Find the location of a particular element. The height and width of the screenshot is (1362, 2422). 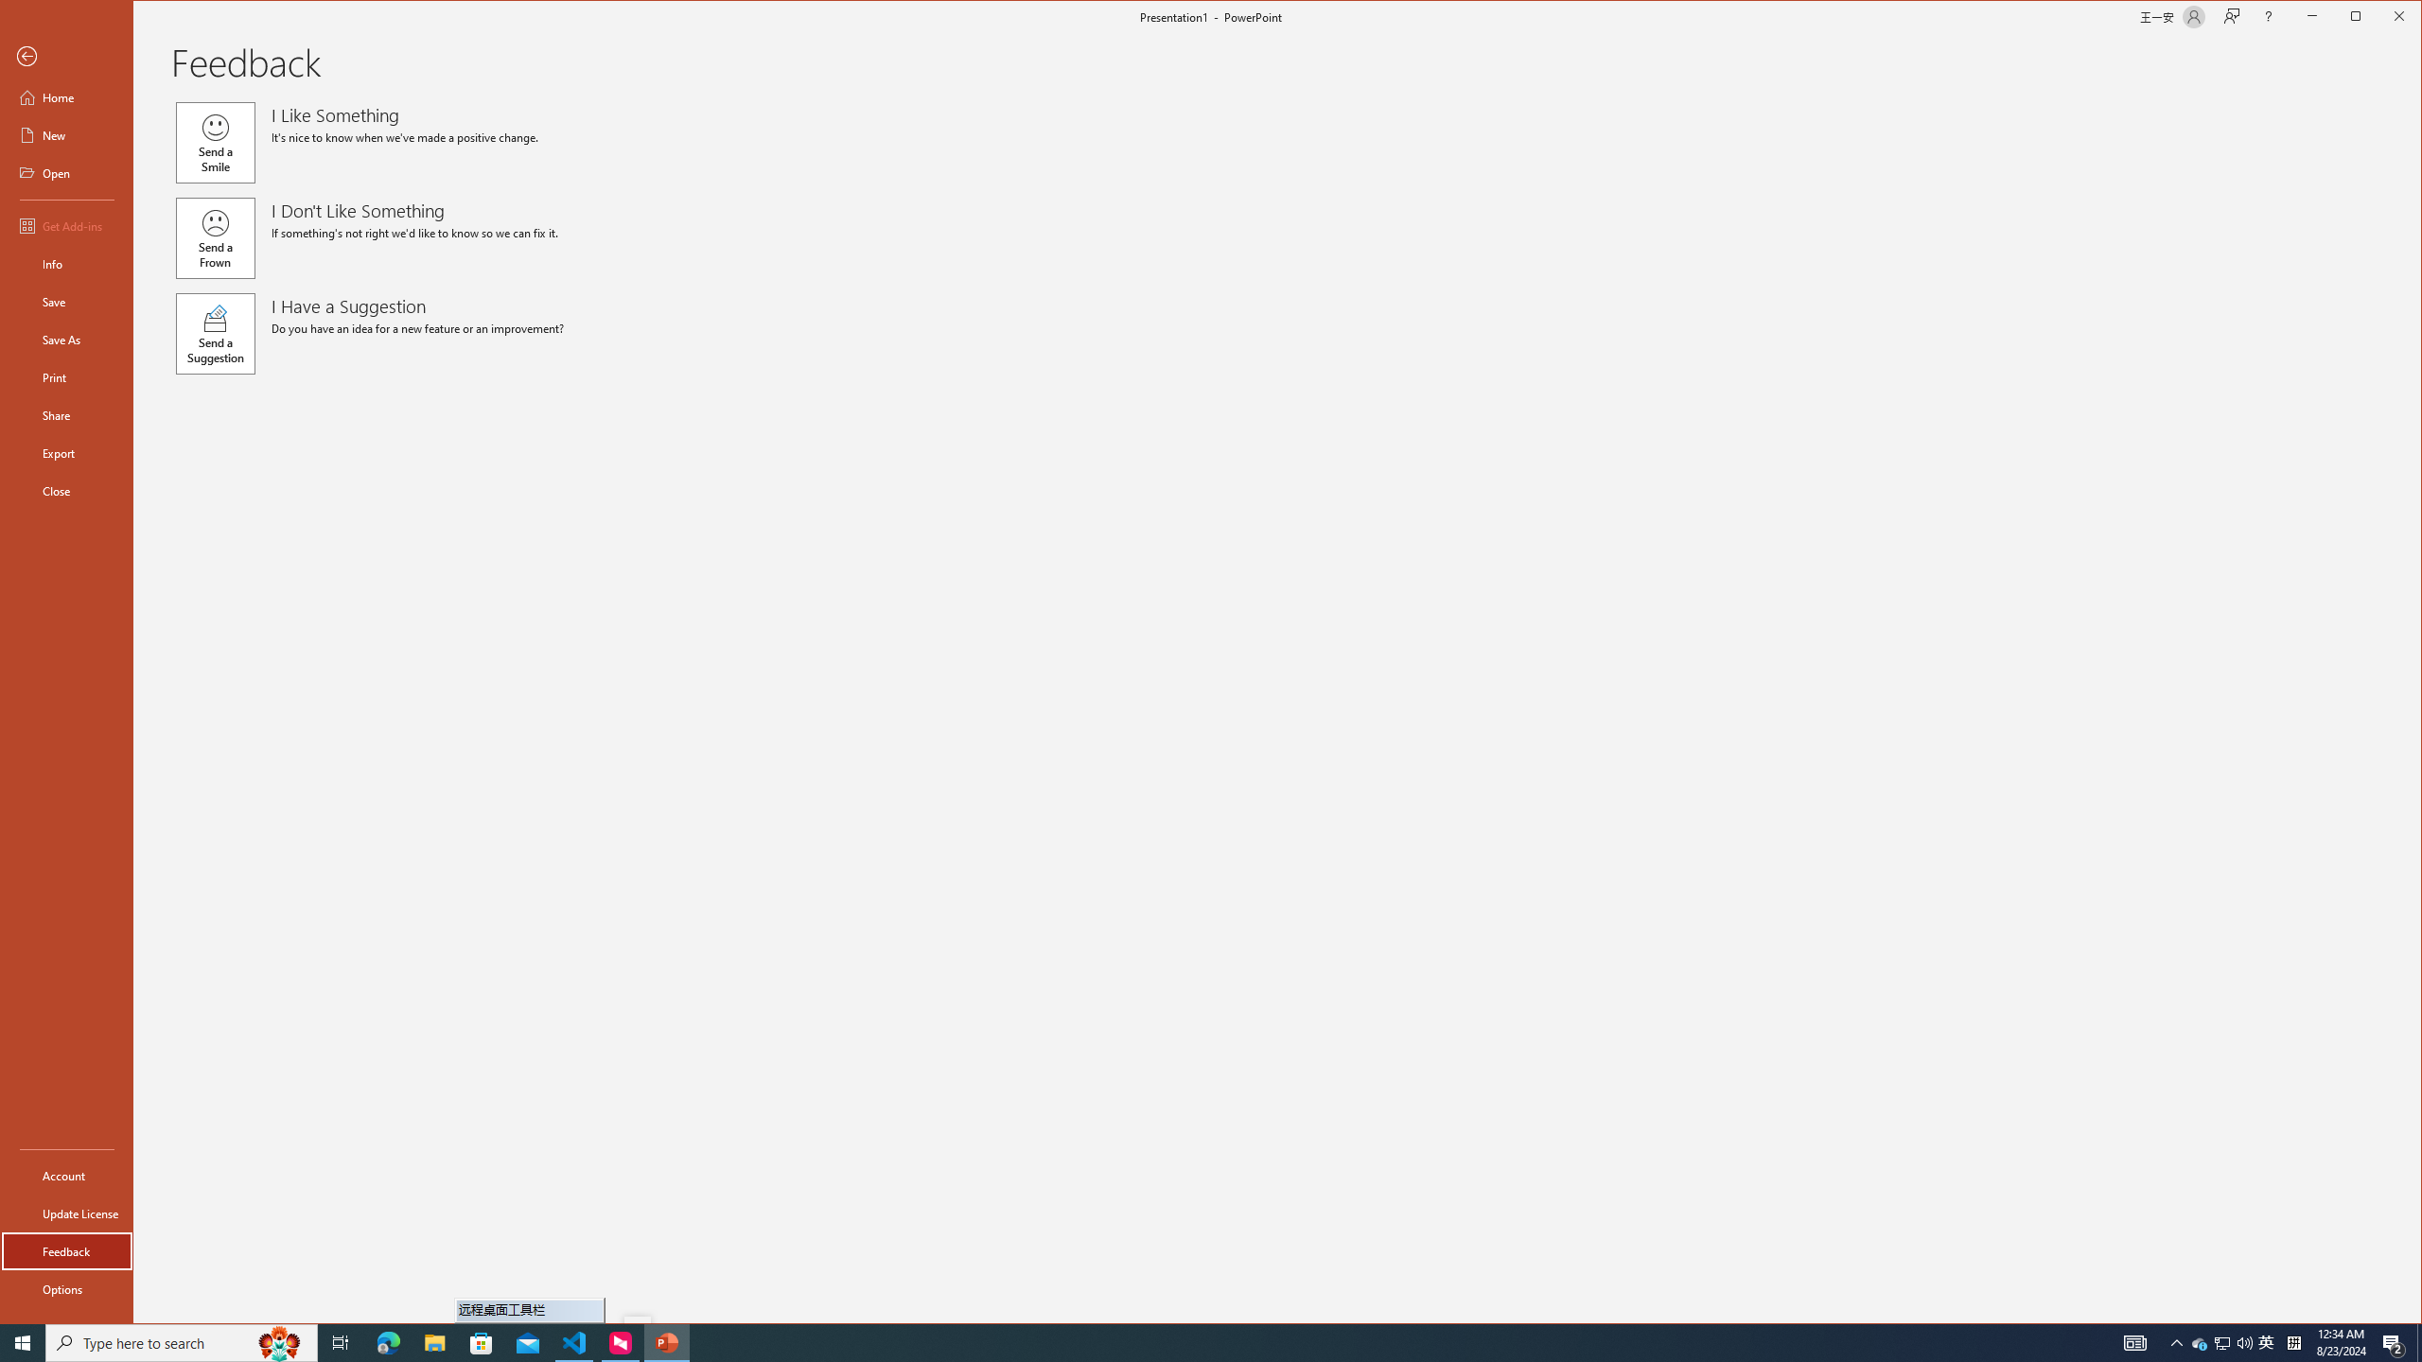

'Start' is located at coordinates (23, 1341).